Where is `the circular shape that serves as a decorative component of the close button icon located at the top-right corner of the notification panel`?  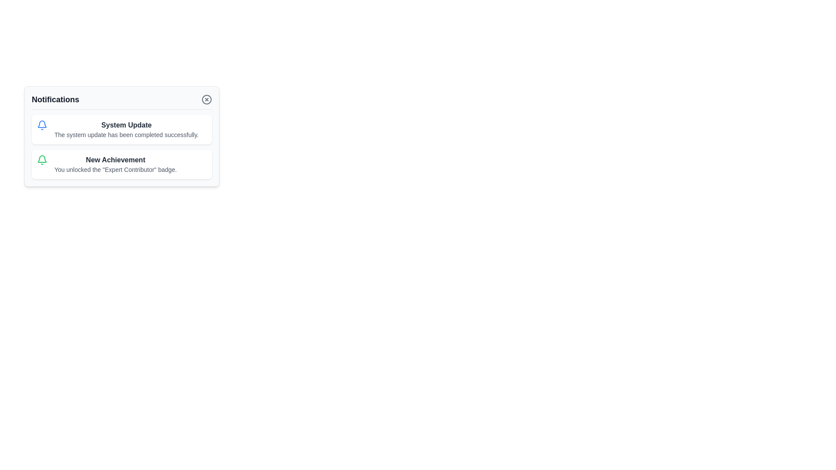
the circular shape that serves as a decorative component of the close button icon located at the top-right corner of the notification panel is located at coordinates (206, 99).